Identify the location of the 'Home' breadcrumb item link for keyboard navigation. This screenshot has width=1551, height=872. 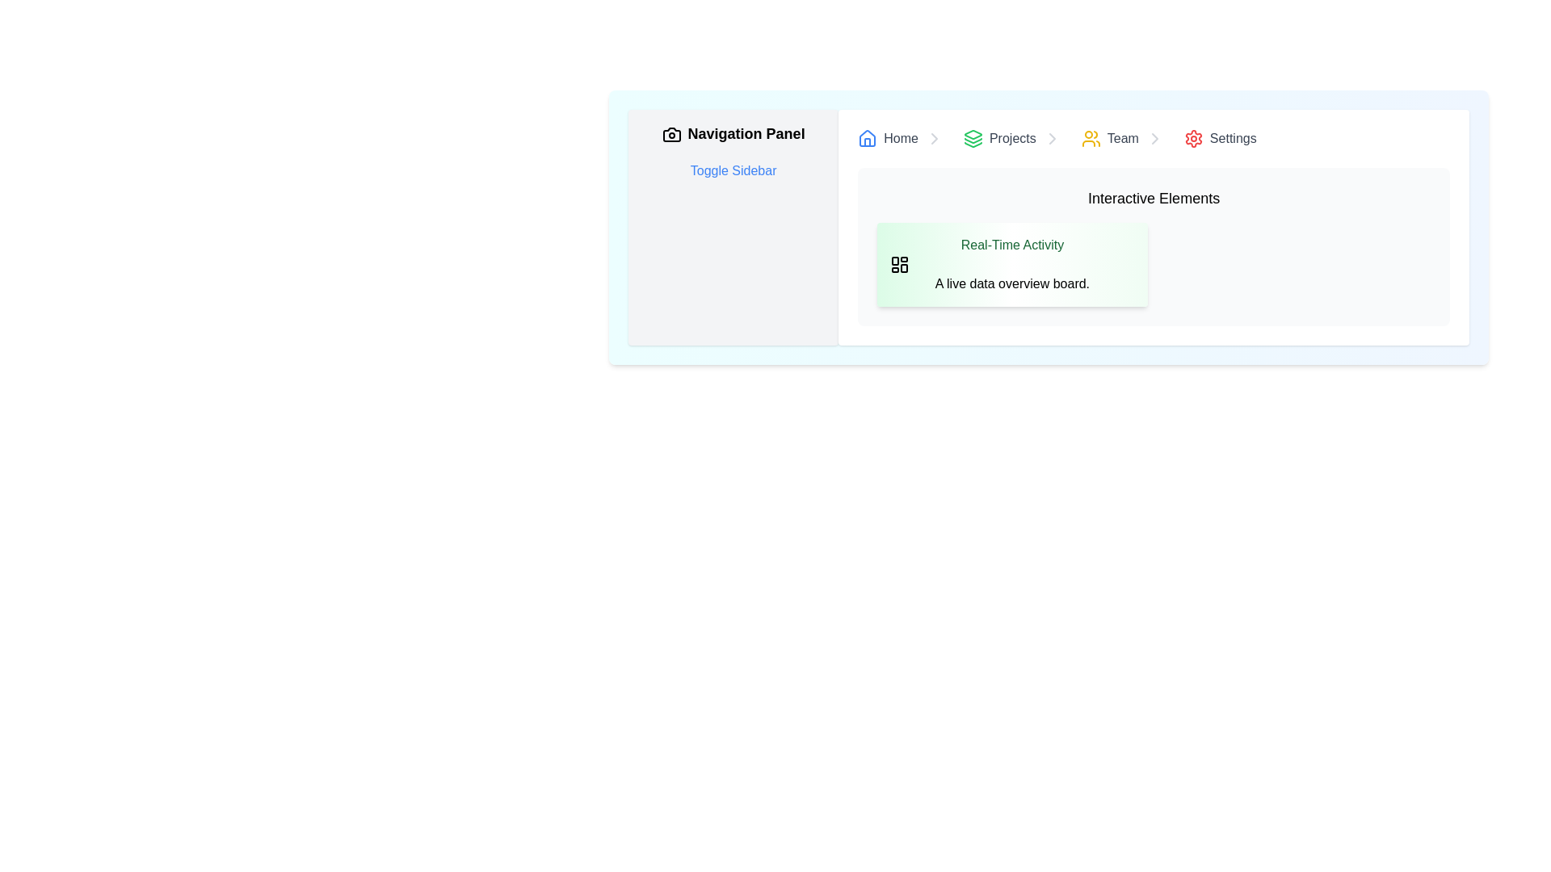
(903, 138).